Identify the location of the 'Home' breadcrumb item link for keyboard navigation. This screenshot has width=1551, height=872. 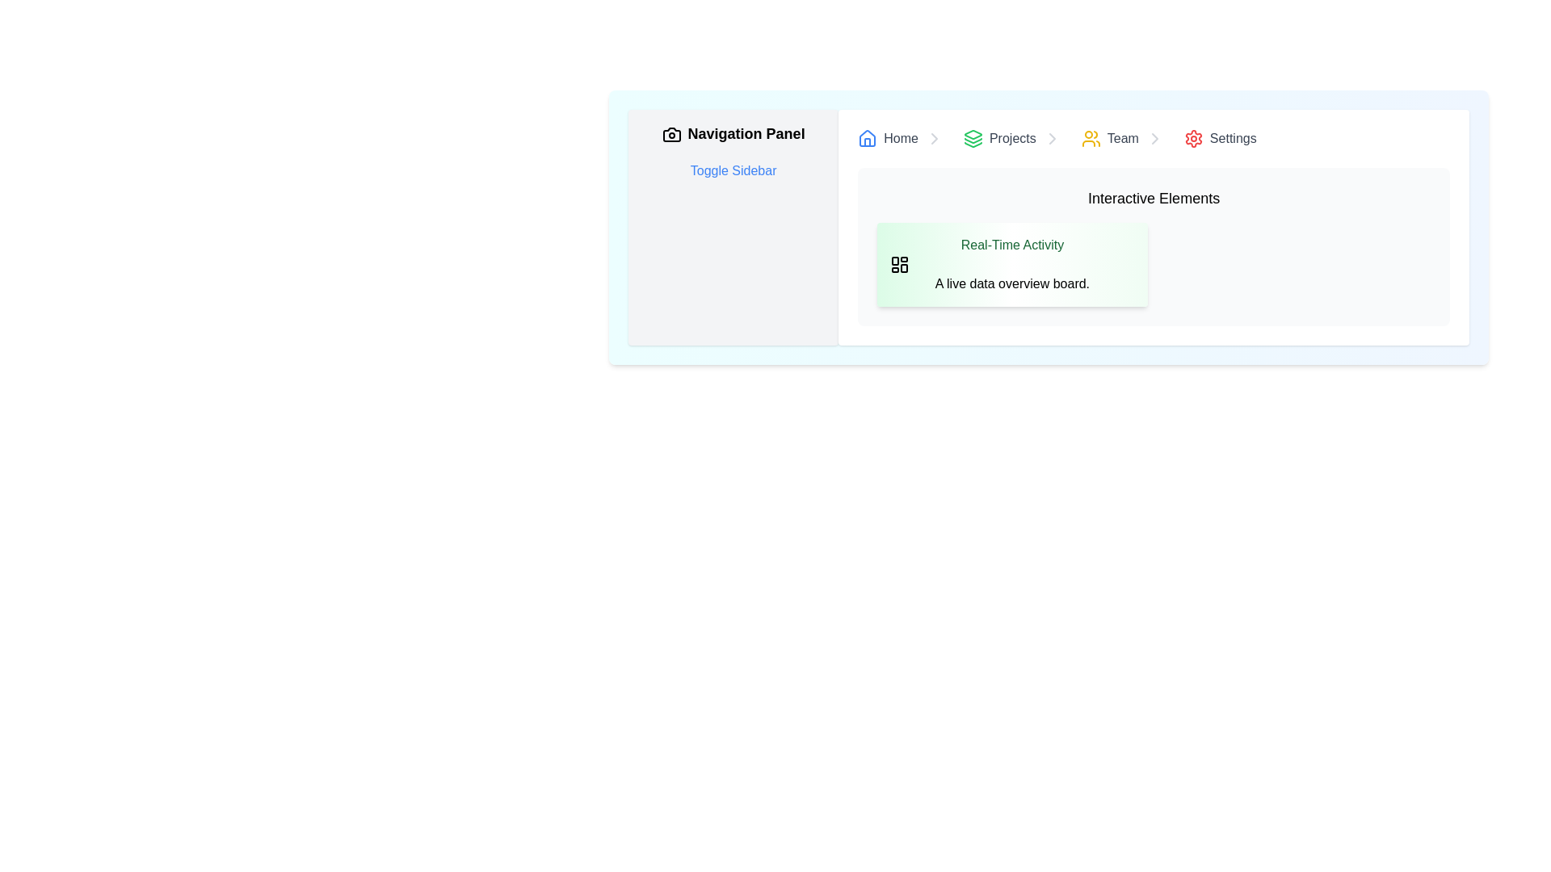
(903, 138).